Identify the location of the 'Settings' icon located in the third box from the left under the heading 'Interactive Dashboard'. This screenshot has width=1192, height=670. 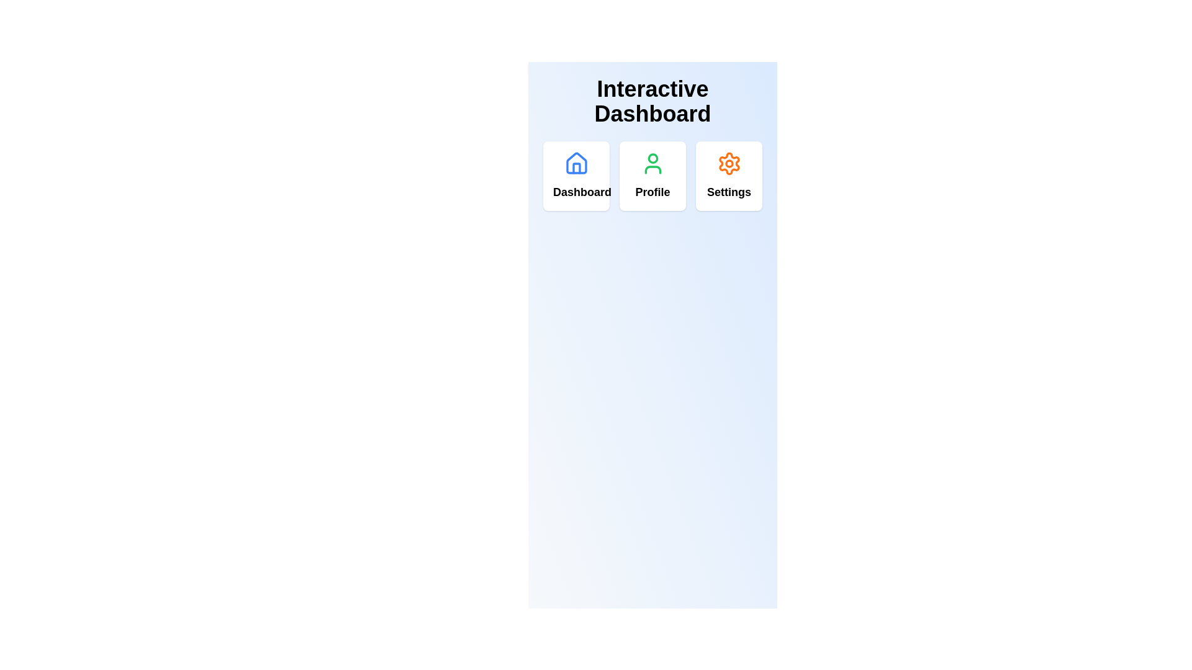
(729, 163).